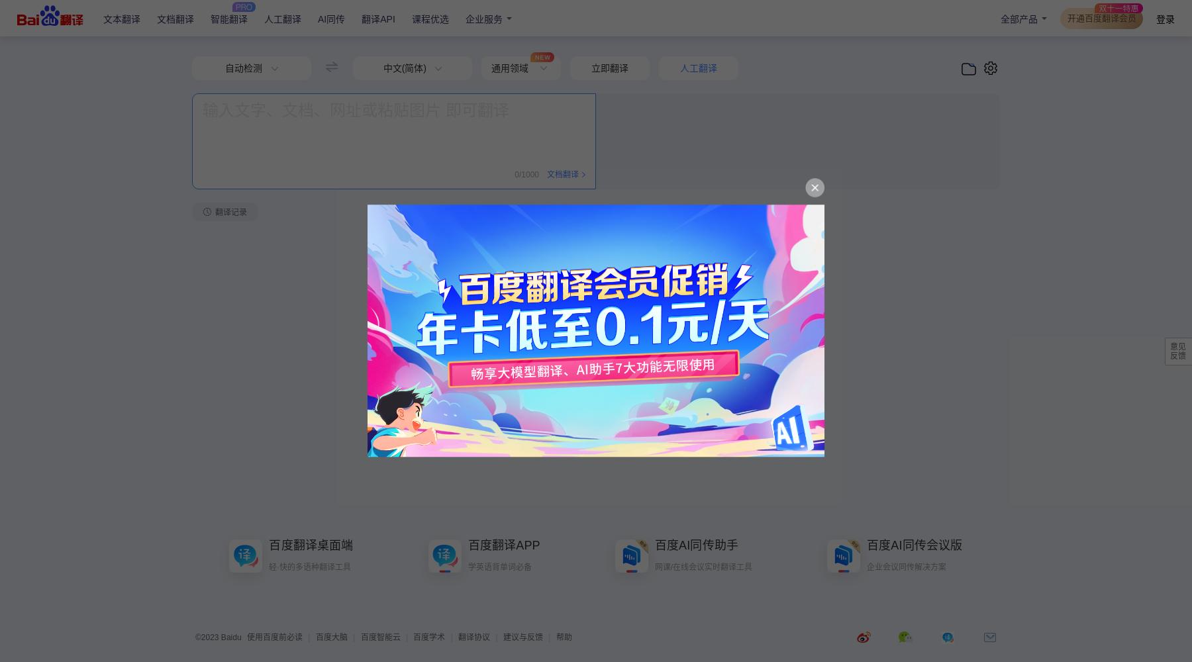 This screenshot has height=662, width=1192. I want to click on '©2023 Baidu', so click(217, 637).